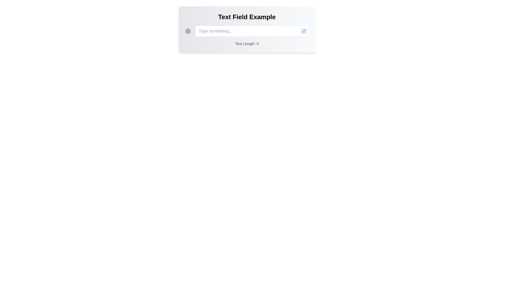  Describe the element at coordinates (304, 31) in the screenshot. I see `the stylized pen icon located on the right side of the input box with placeholder text 'Type something...'` at that location.